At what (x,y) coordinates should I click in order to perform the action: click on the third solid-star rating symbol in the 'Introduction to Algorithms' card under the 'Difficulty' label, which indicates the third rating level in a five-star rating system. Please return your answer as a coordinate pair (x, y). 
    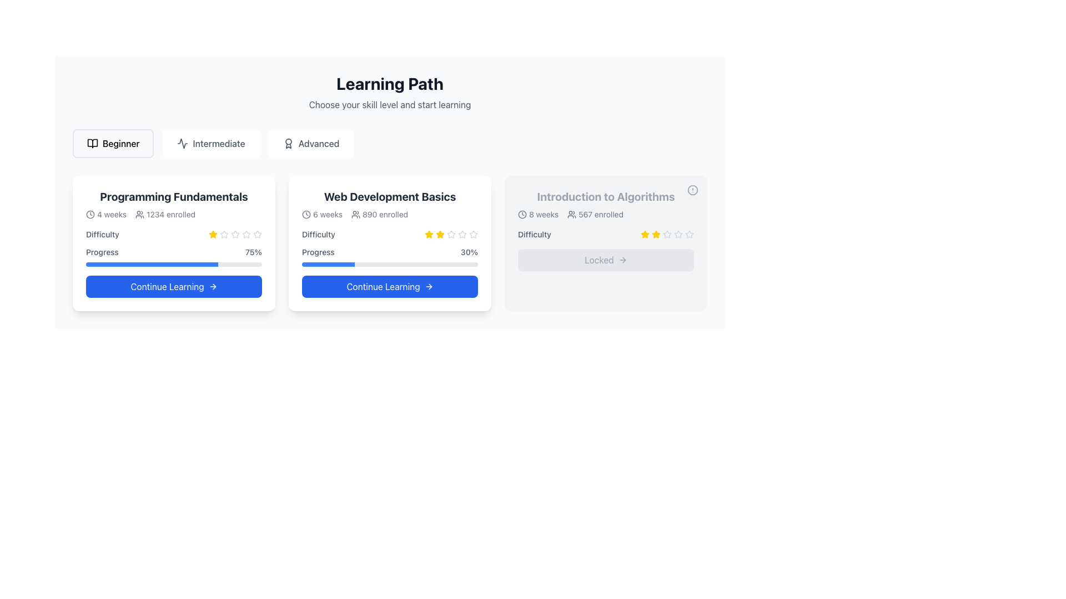
    Looking at the image, I should click on (656, 233).